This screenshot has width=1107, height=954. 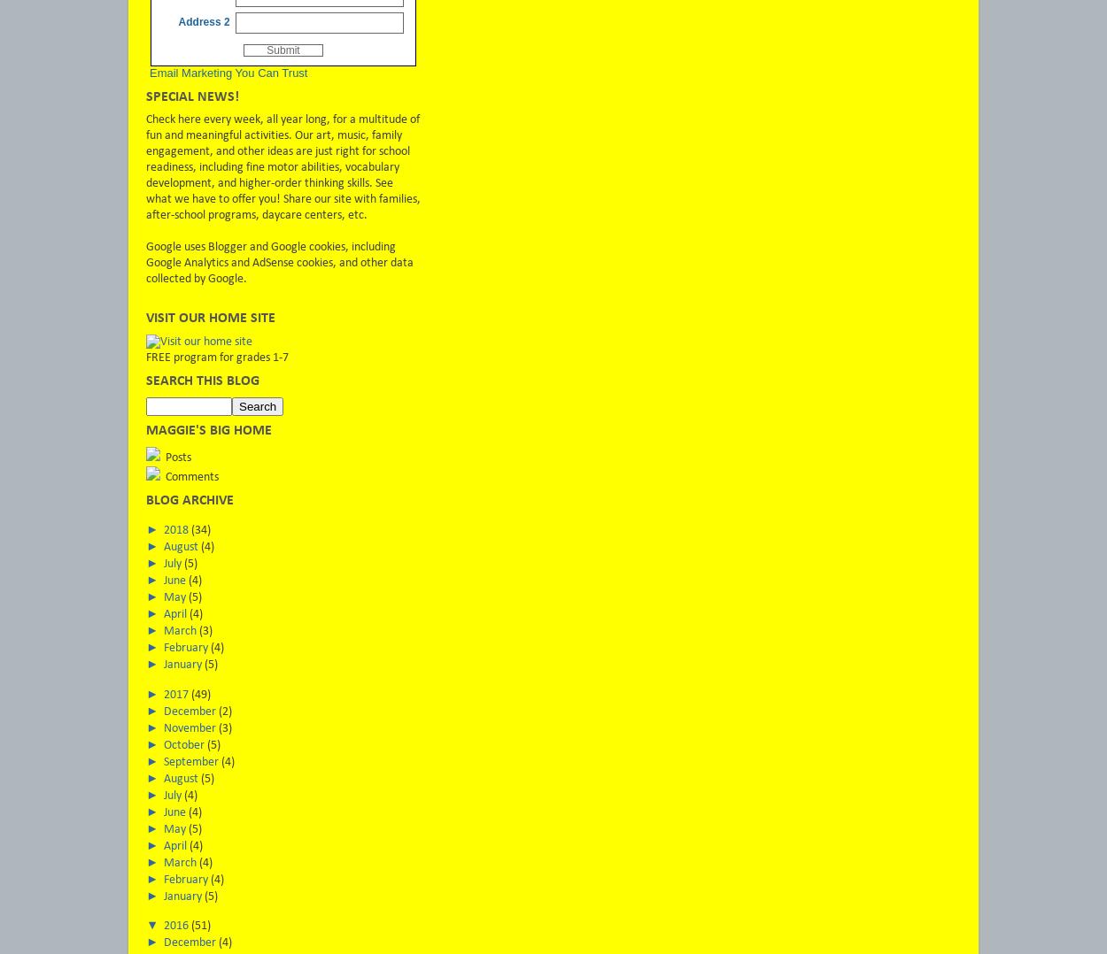 I want to click on 'September', so click(x=191, y=760).